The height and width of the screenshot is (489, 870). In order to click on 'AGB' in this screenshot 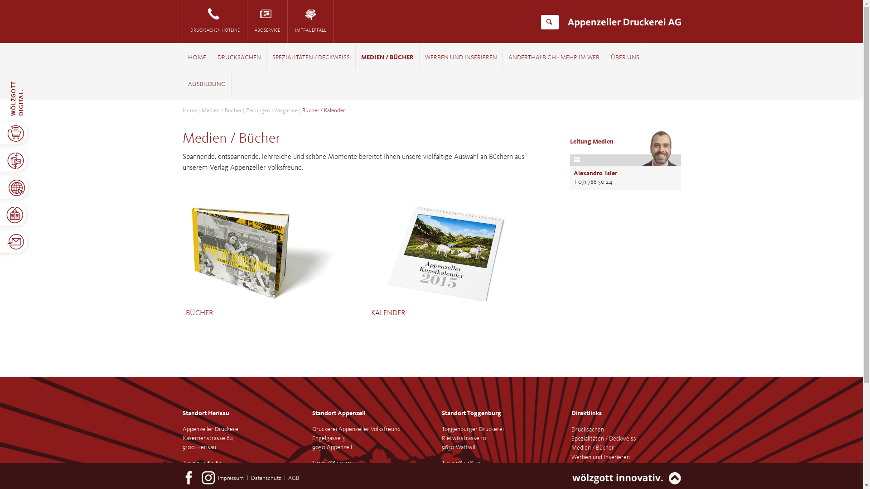, I will do `click(294, 478)`.